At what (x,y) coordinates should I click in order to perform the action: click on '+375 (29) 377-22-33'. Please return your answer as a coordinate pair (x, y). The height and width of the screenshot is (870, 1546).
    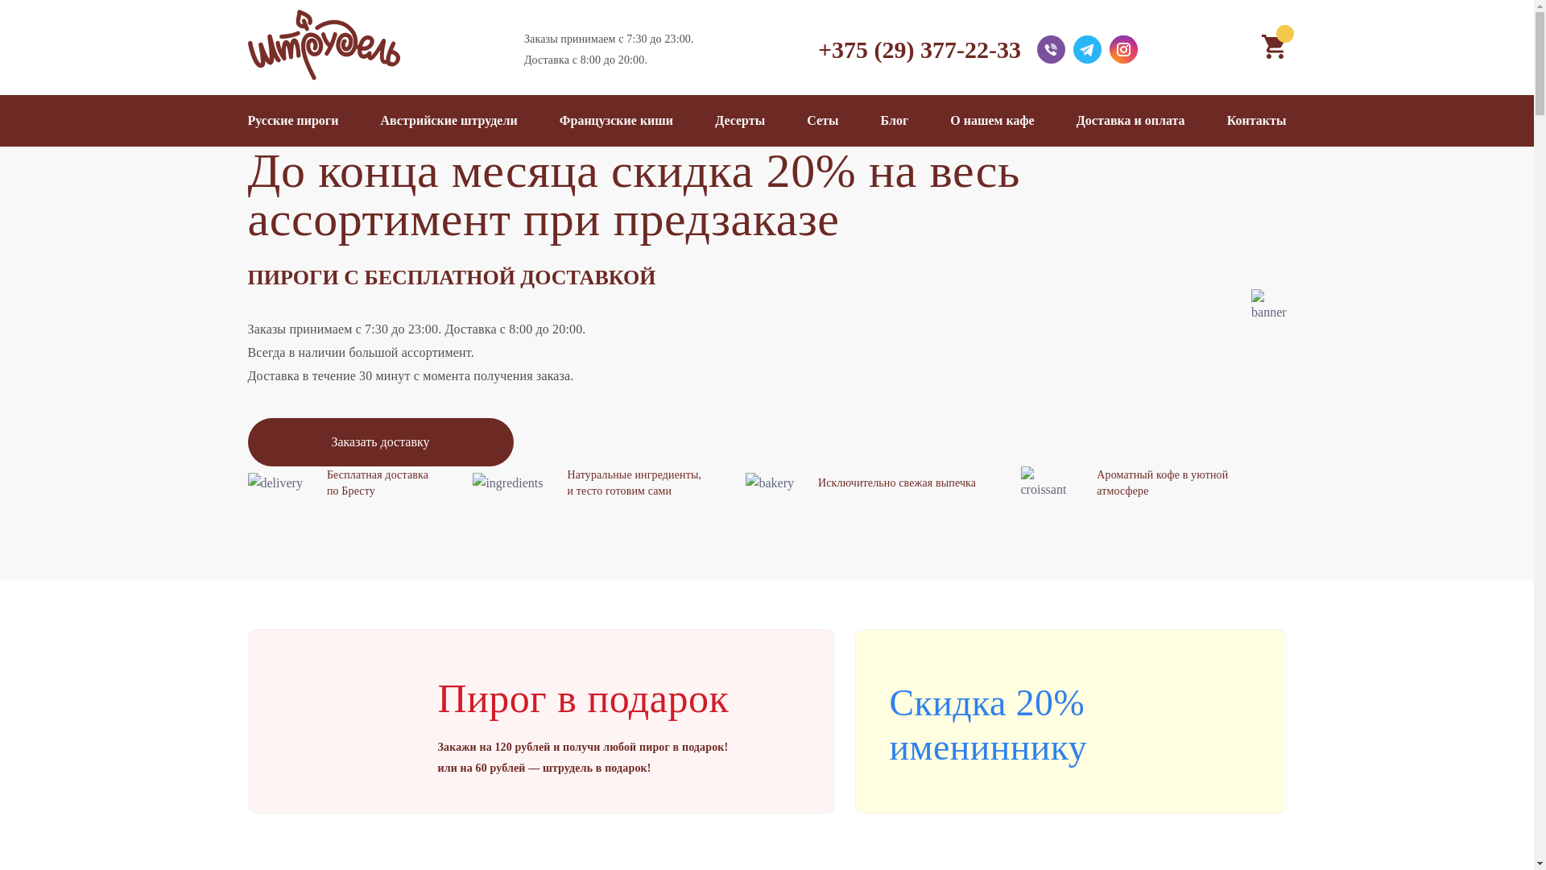
    Looking at the image, I should click on (920, 48).